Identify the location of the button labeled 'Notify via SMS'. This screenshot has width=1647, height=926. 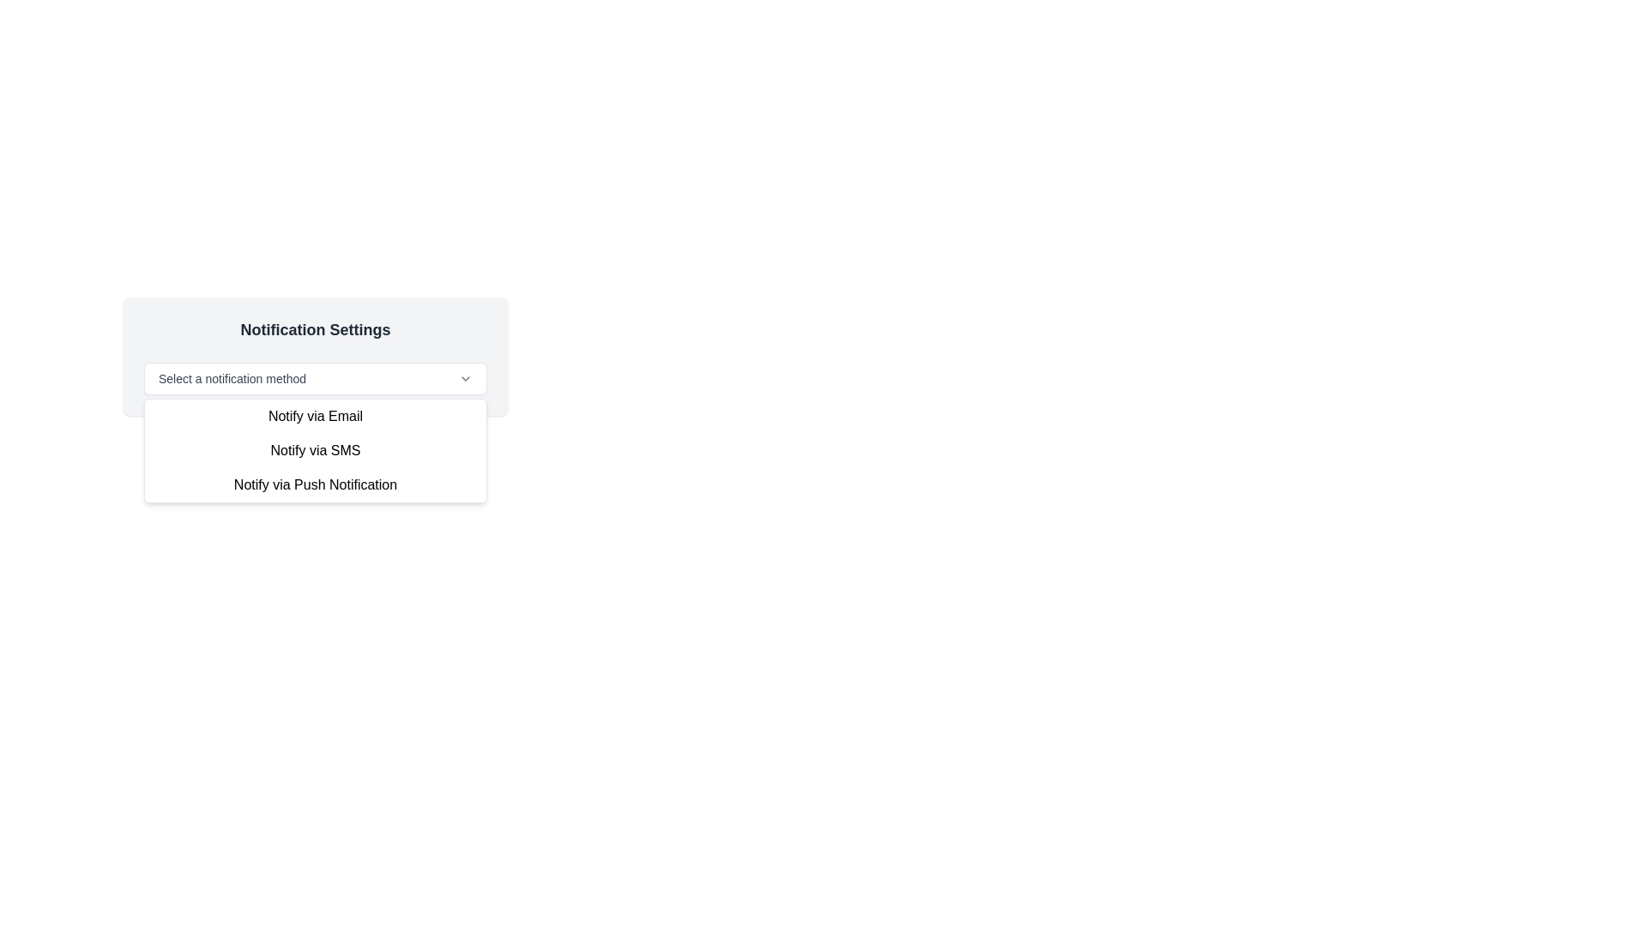
(316, 449).